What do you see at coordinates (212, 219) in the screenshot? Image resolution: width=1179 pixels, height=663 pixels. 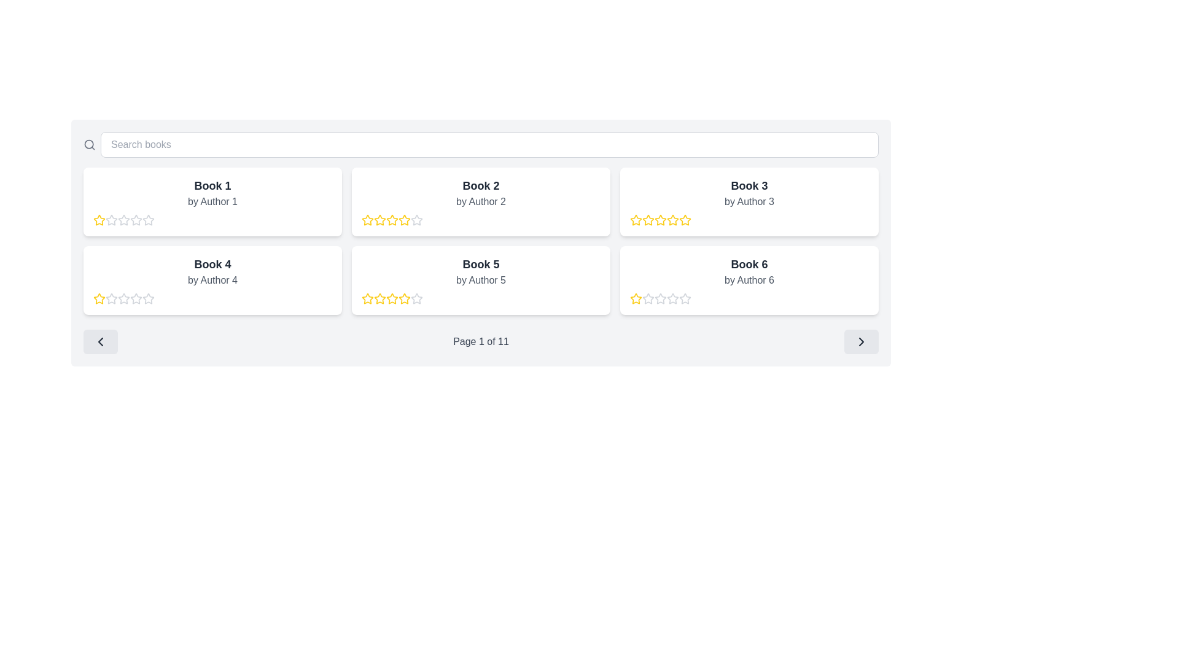 I see `the one-star rating display for 'Book 1' by 'Author 1', which is located directly beneath the author line in the first column of the first row` at bounding box center [212, 219].